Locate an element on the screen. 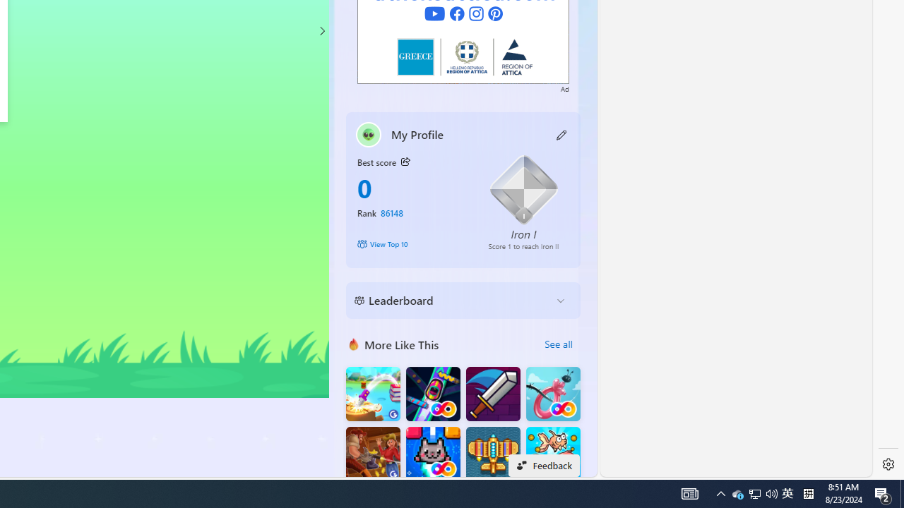  'Dungeon Master Knight' is located at coordinates (493, 394).